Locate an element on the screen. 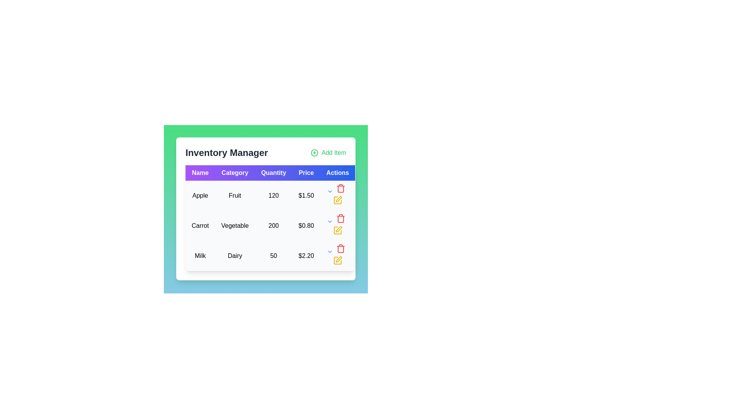  the Interactive icon (chevron) located in the 'Actions' column of the 'Carrot' row is located at coordinates (330, 191).